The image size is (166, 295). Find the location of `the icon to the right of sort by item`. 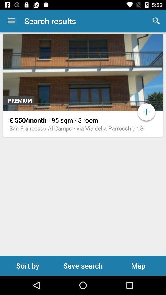

the icon to the right of sort by item is located at coordinates (83, 265).